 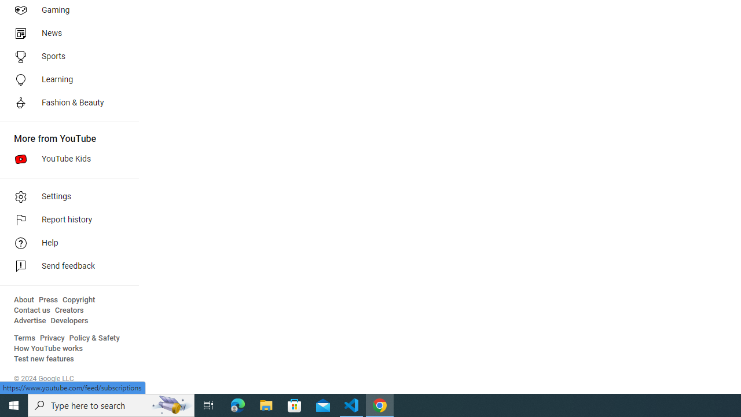 What do you see at coordinates (47, 299) in the screenshot?
I see `'Press'` at bounding box center [47, 299].